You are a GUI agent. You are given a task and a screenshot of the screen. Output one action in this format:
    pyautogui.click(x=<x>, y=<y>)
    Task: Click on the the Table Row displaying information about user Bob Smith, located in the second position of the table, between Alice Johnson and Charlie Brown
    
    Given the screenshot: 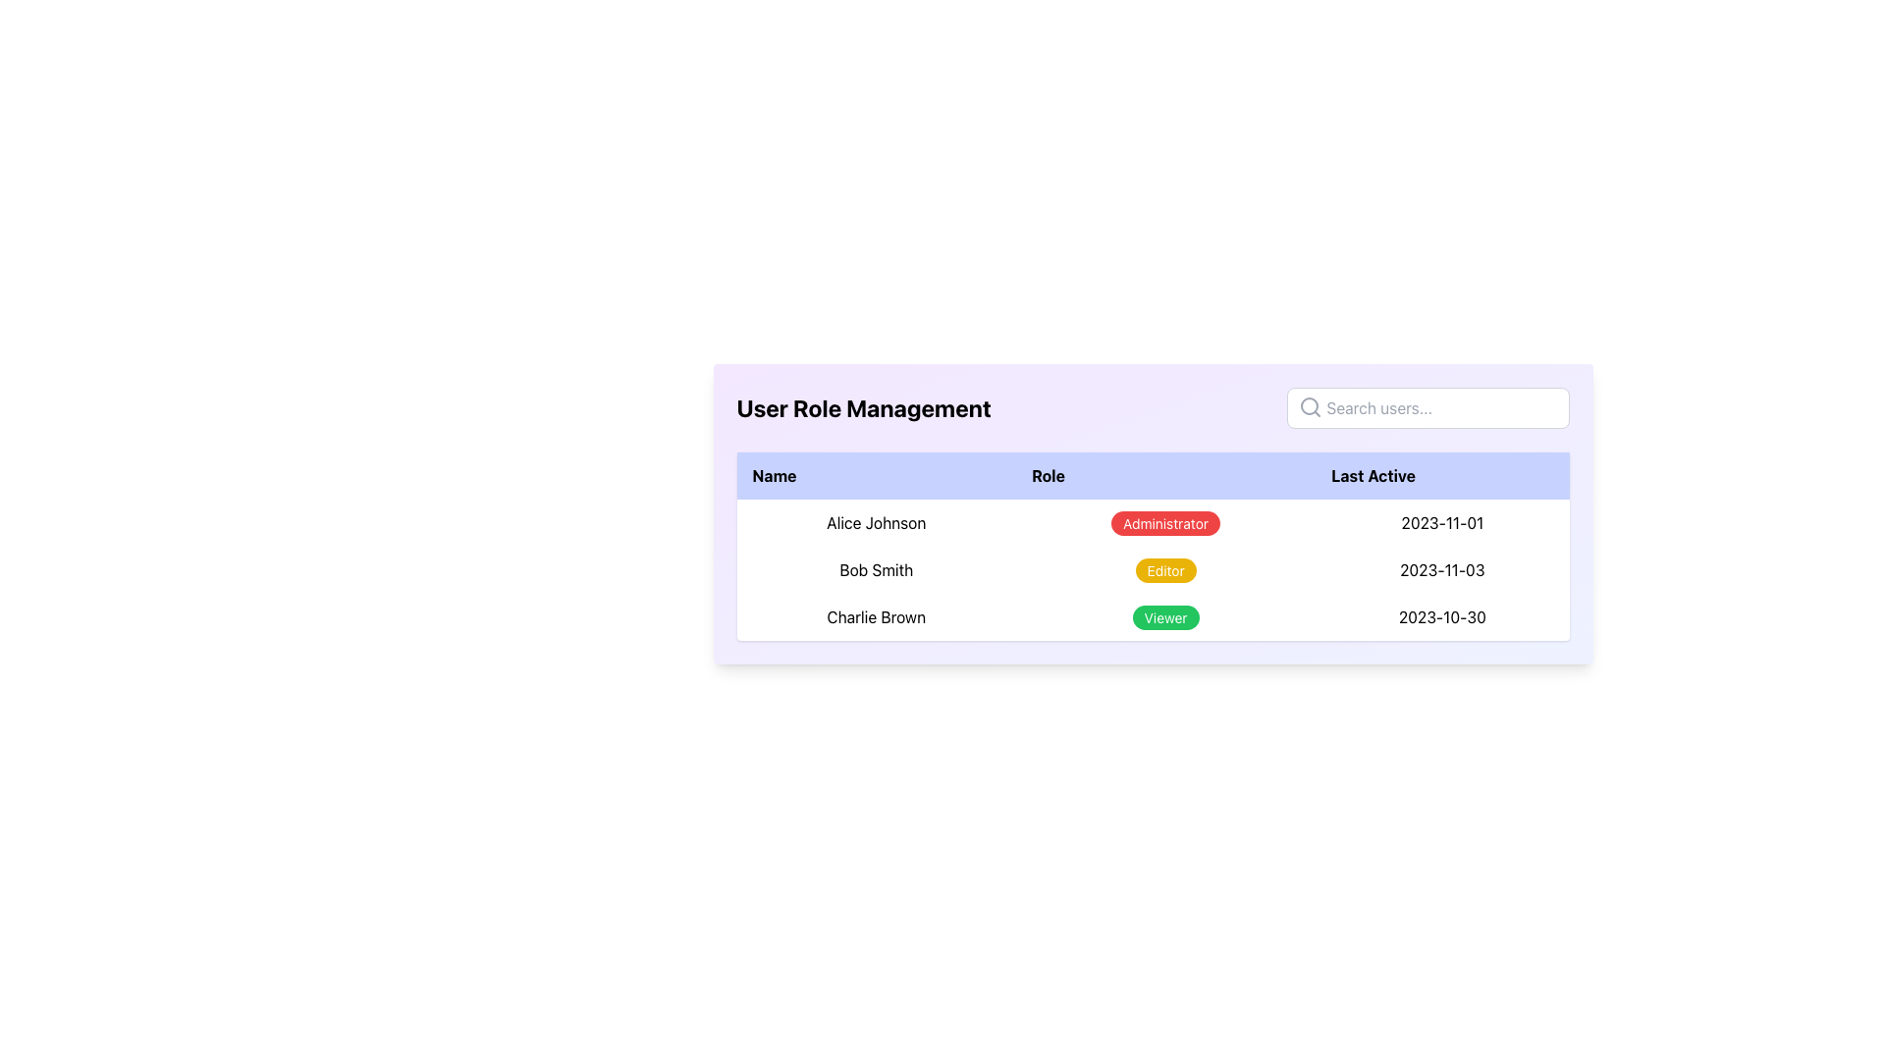 What is the action you would take?
    pyautogui.click(x=1153, y=570)
    